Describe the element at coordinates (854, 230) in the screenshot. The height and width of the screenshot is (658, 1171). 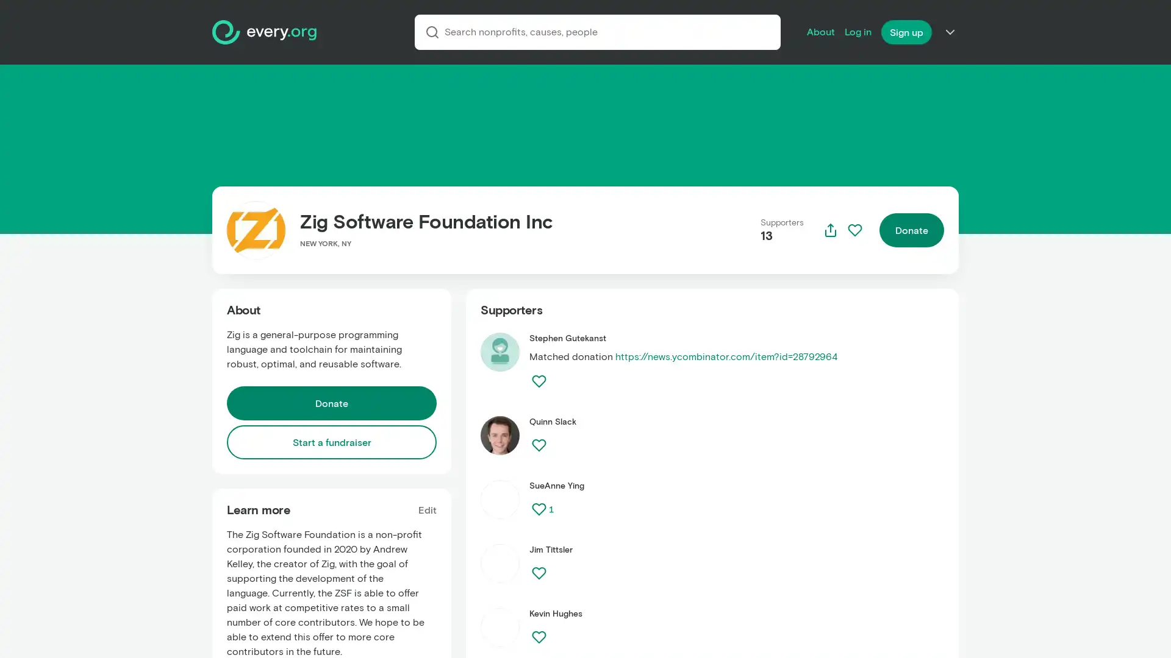
I see `Like nonprofit` at that location.